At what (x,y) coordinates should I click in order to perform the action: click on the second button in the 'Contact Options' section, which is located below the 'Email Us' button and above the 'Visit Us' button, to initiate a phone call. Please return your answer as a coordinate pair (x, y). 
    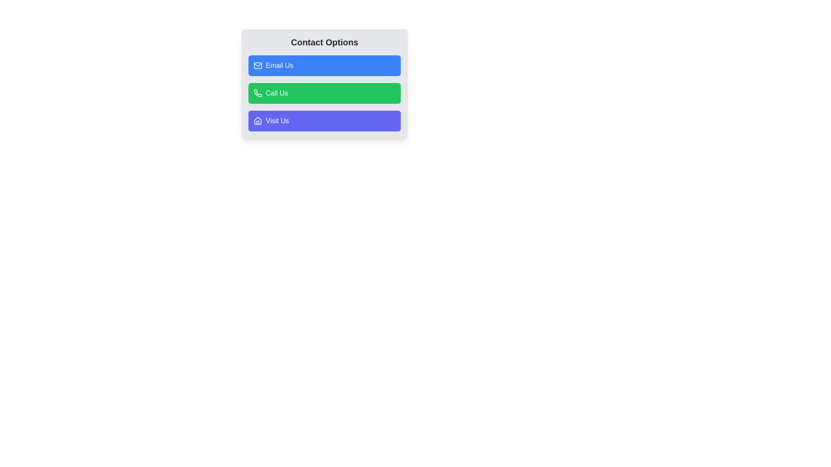
    Looking at the image, I should click on (324, 93).